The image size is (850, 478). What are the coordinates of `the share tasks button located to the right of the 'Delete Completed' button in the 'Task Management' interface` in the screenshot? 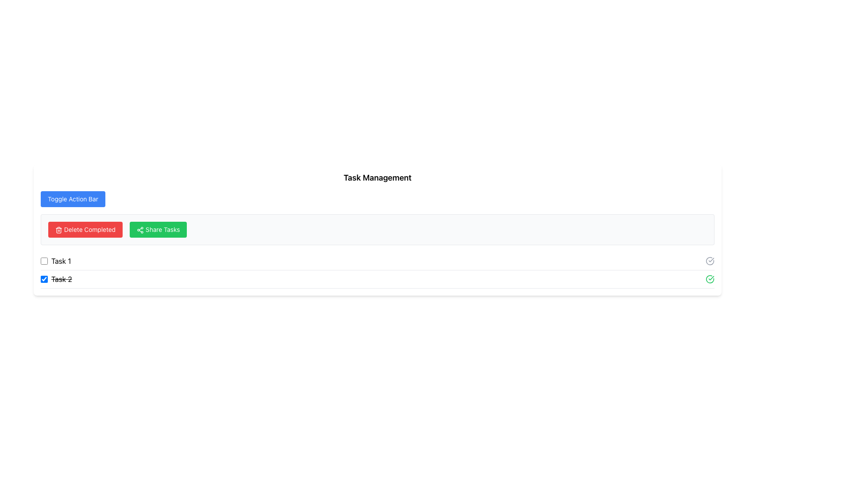 It's located at (158, 229).